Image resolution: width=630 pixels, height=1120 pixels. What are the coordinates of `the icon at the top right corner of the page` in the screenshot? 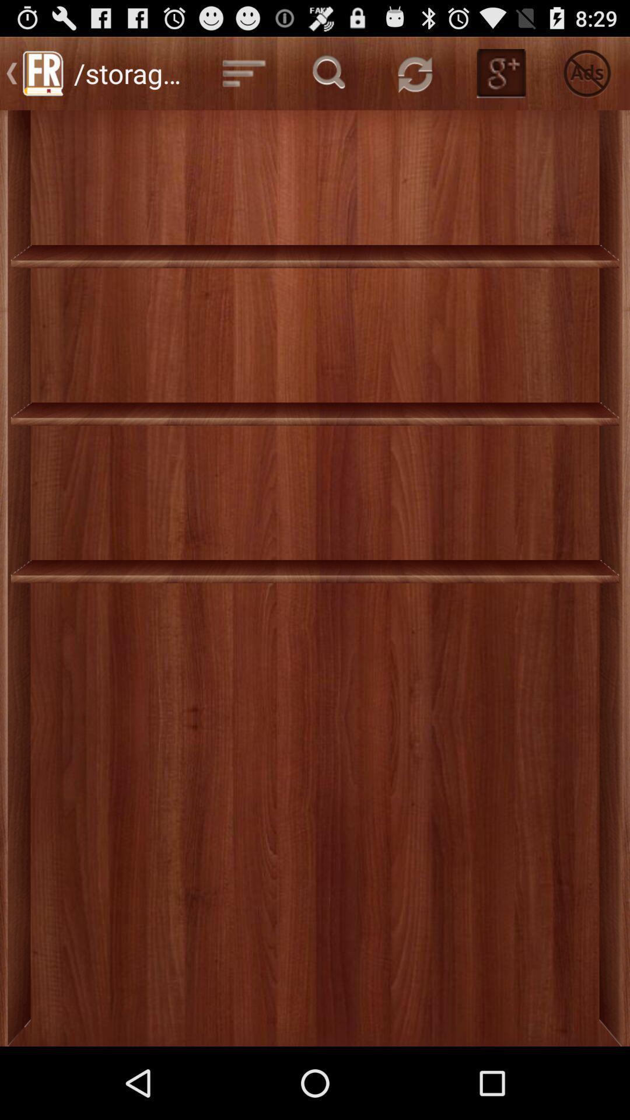 It's located at (587, 72).